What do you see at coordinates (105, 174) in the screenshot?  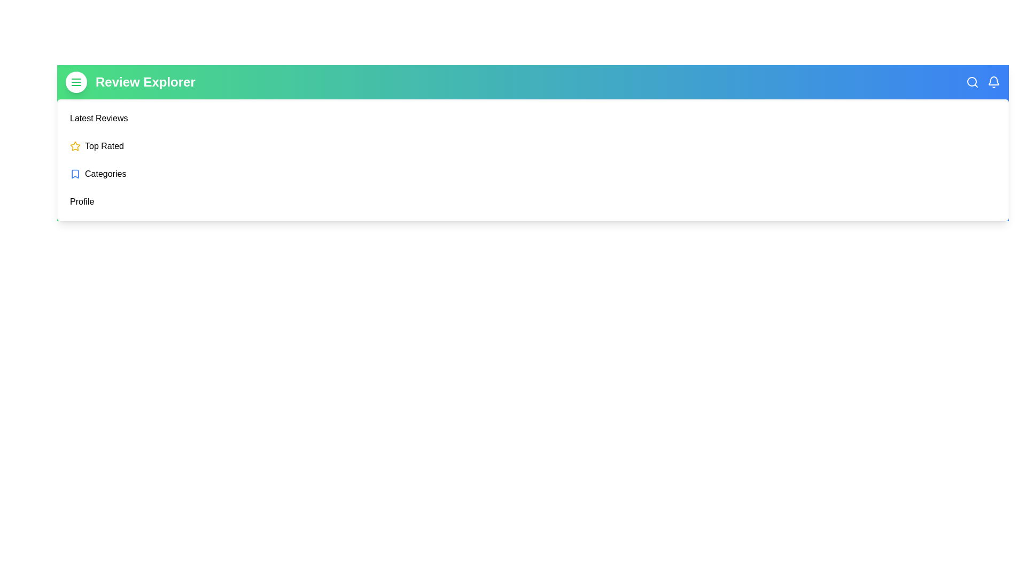 I see `the menu item corresponding to Categories to navigate to that section` at bounding box center [105, 174].